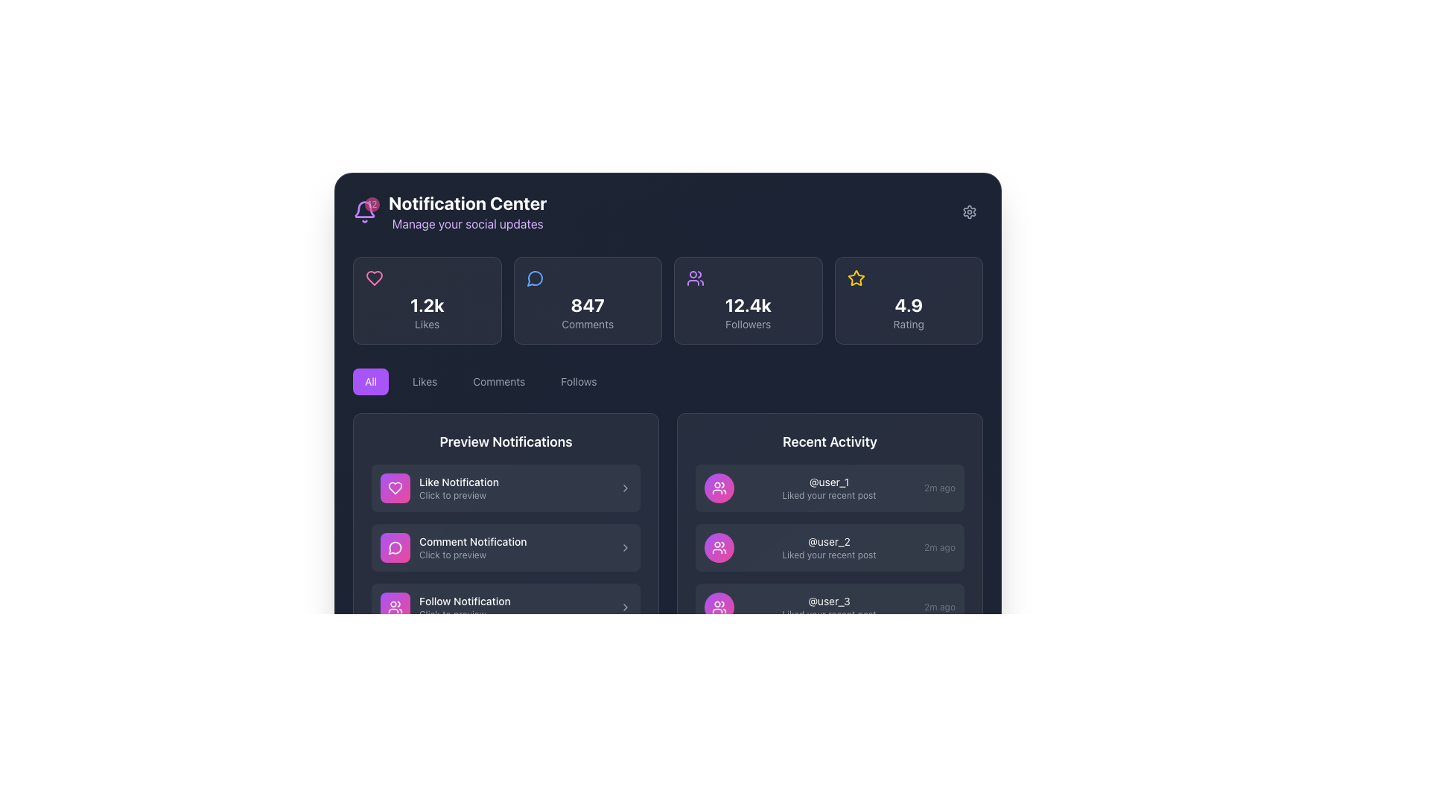  I want to click on the static text label located below '@user_3' in the 'Recent Activity' section, which describes the nature of the activity associated with the user, so click(828, 614).